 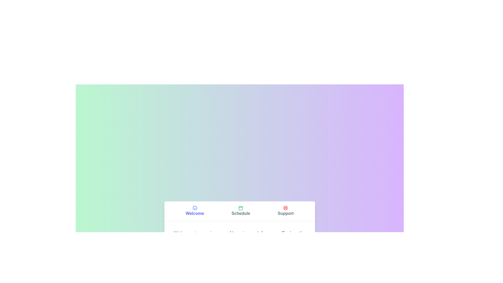 What do you see at coordinates (194, 211) in the screenshot?
I see `the Welcome tab to view its content` at bounding box center [194, 211].